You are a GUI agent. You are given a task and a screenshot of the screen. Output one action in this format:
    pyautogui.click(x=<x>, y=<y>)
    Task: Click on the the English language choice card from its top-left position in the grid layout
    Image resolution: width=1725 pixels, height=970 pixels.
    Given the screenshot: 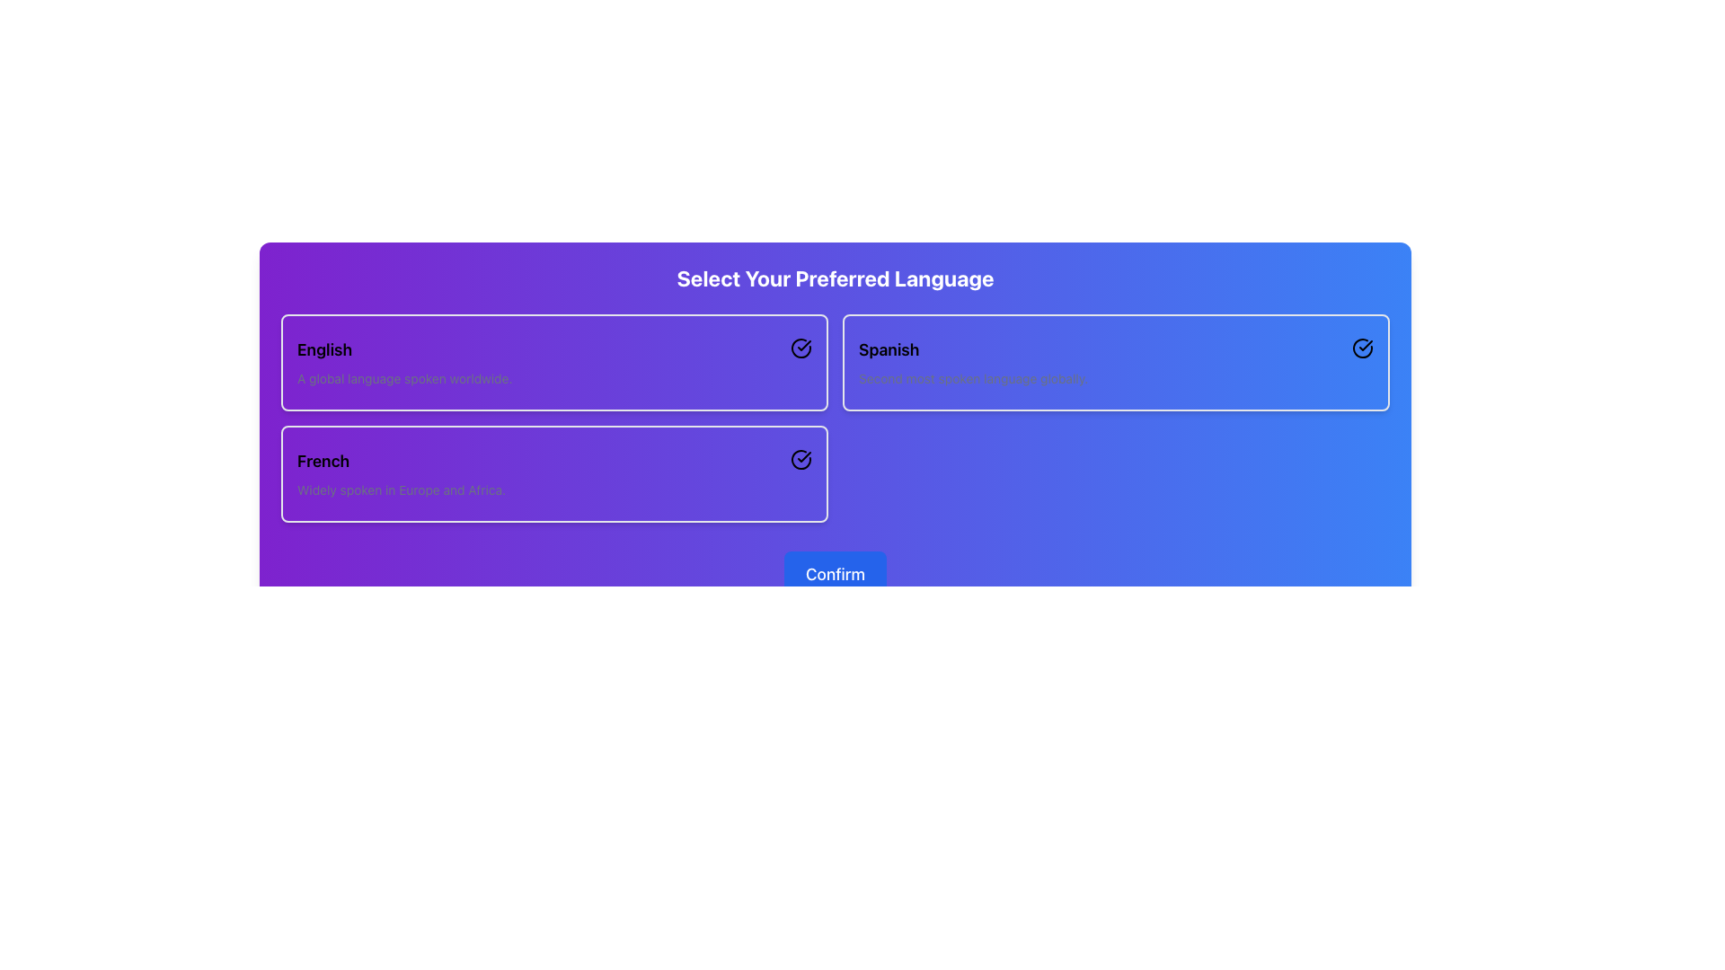 What is the action you would take?
    pyautogui.click(x=553, y=363)
    